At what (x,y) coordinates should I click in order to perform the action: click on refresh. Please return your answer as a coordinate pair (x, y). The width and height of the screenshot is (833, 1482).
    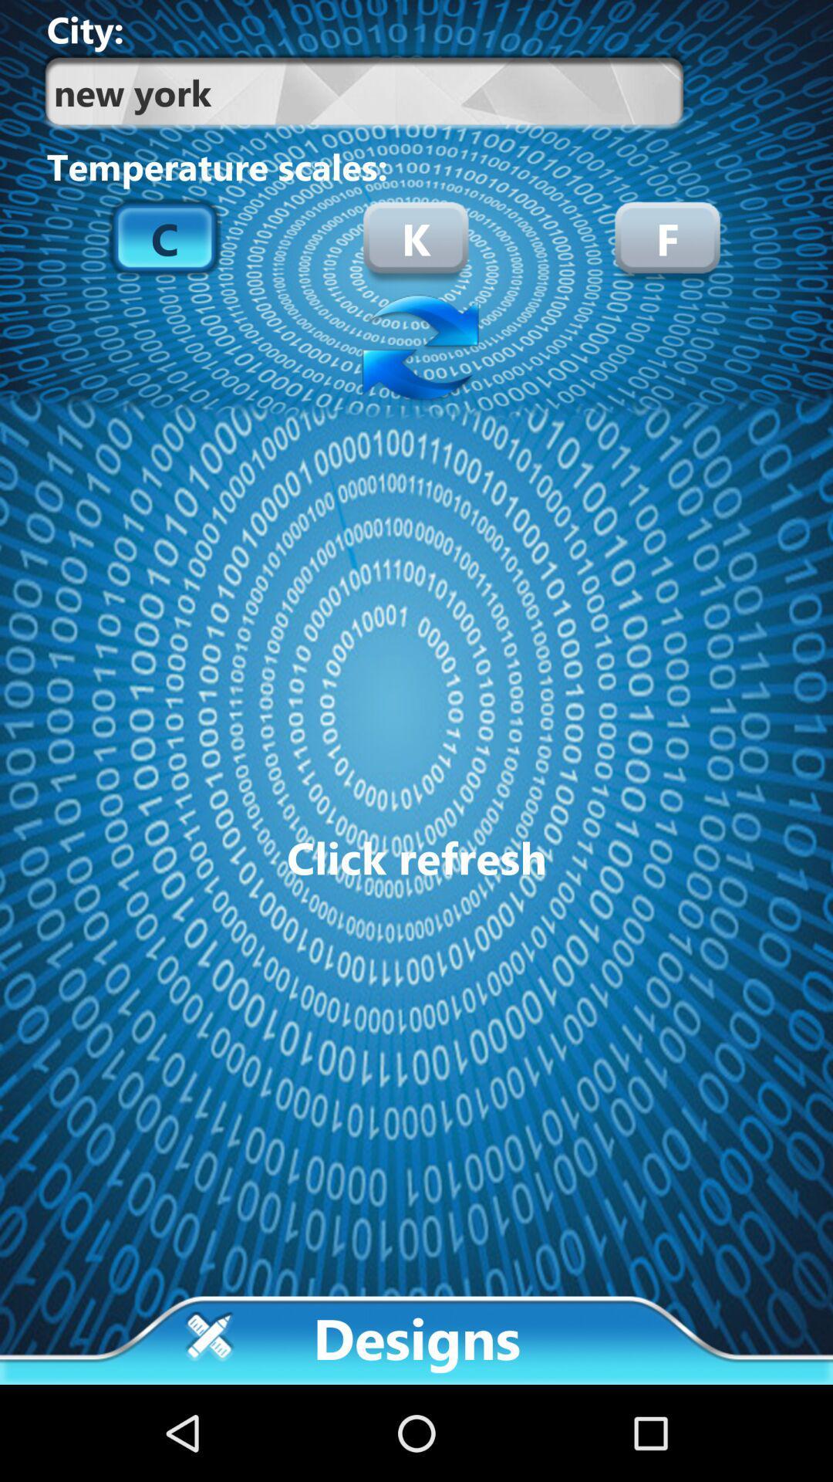
    Looking at the image, I should click on (416, 349).